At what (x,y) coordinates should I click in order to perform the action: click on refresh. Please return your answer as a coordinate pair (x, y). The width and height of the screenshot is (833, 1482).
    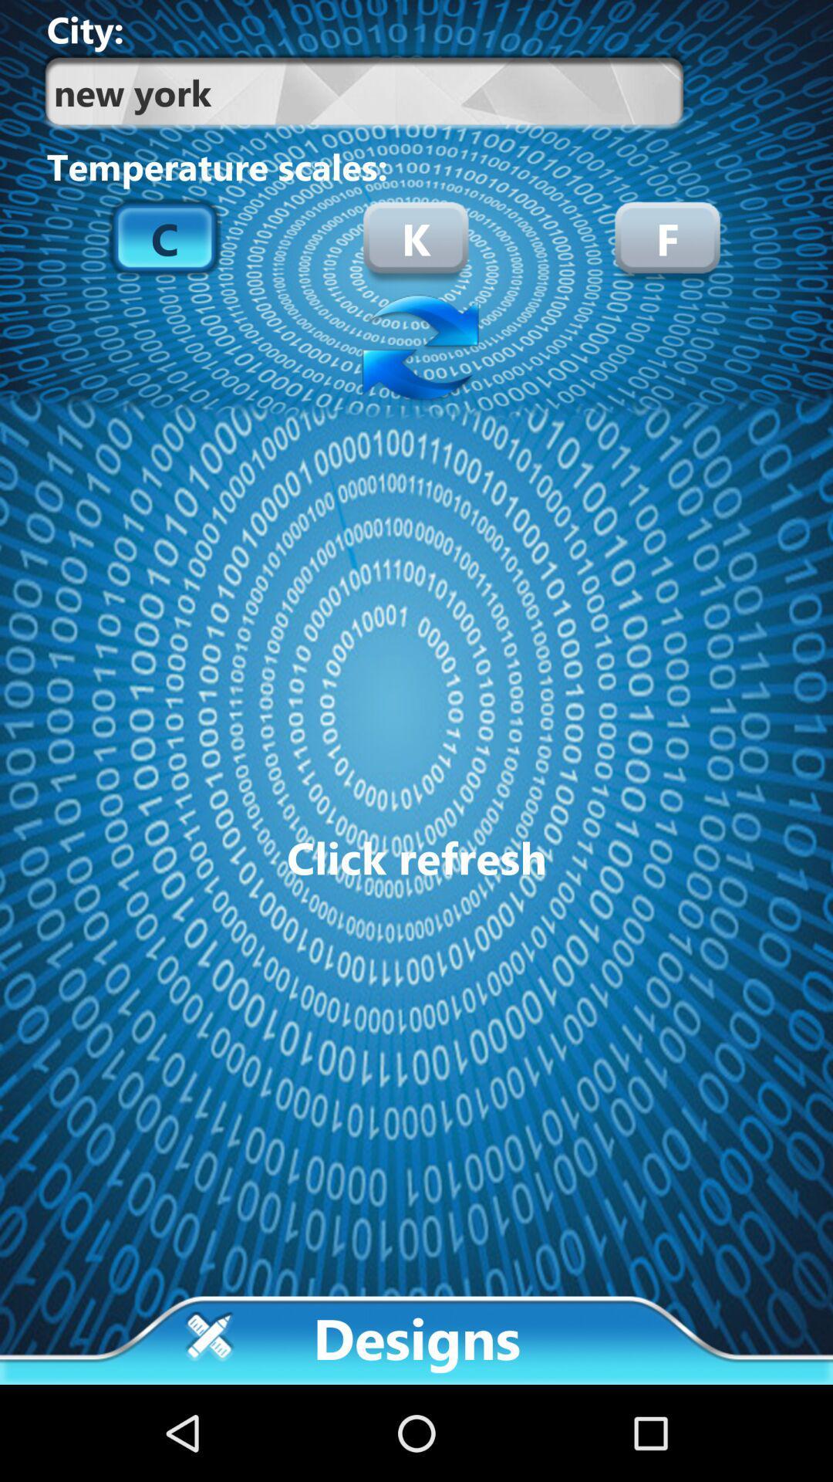
    Looking at the image, I should click on (416, 349).